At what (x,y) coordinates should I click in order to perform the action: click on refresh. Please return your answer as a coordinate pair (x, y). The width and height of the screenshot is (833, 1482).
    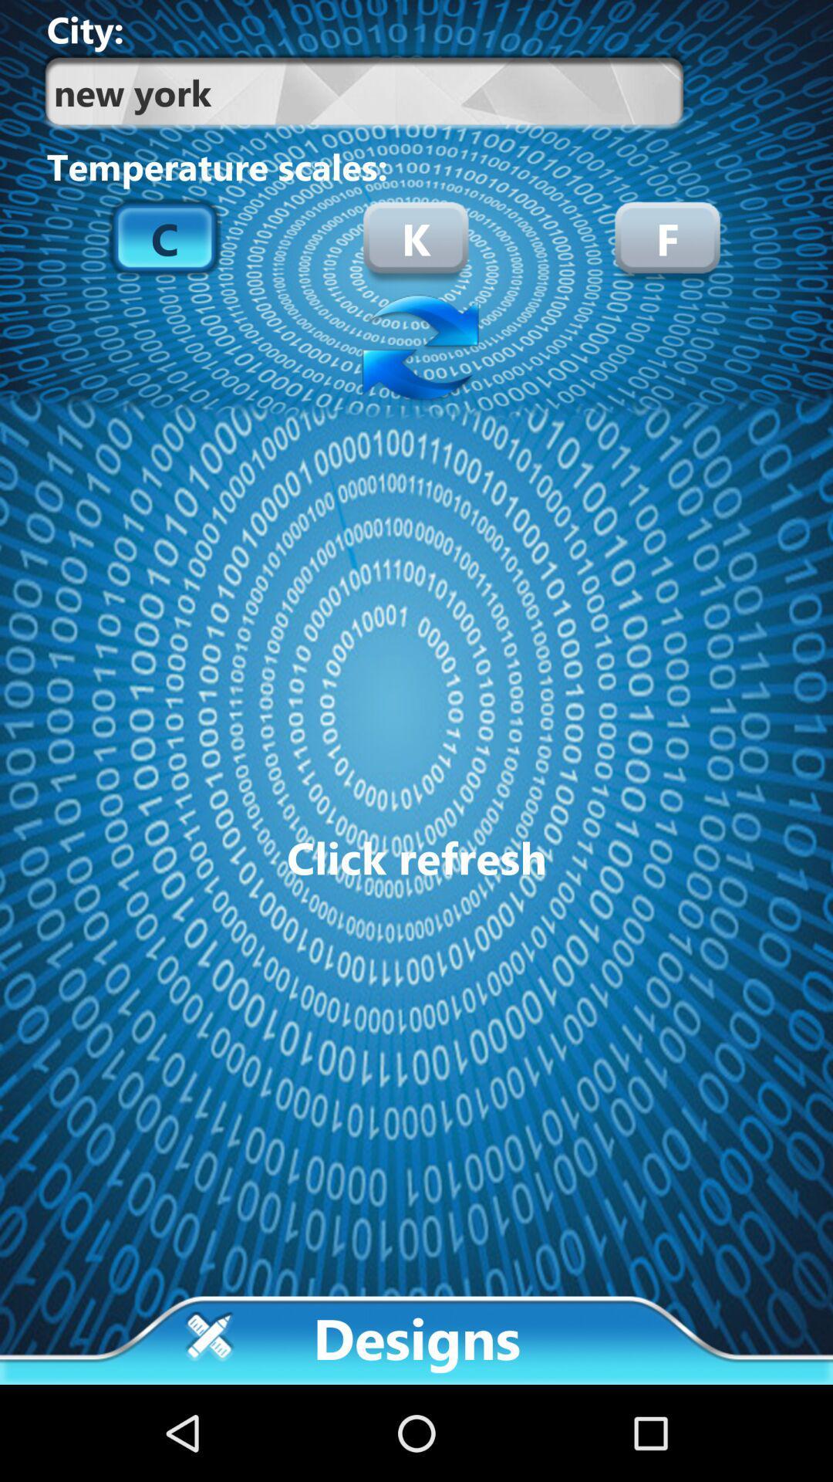
    Looking at the image, I should click on (416, 349).